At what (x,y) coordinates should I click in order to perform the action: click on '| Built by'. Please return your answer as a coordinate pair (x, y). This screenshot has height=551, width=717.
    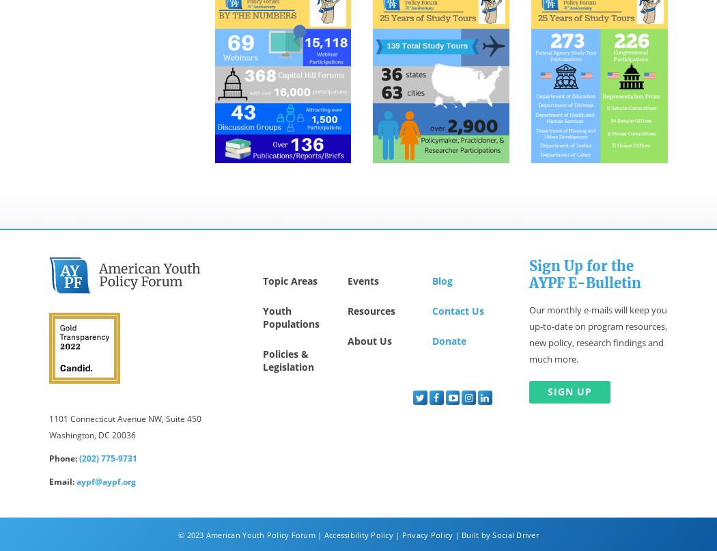
    Looking at the image, I should click on (472, 534).